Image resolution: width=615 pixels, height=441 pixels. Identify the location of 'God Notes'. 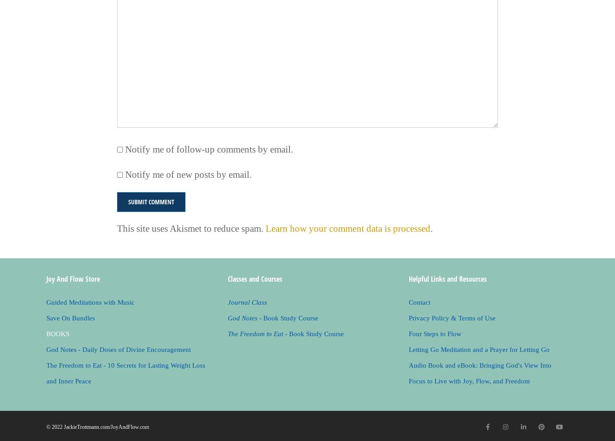
(242, 318).